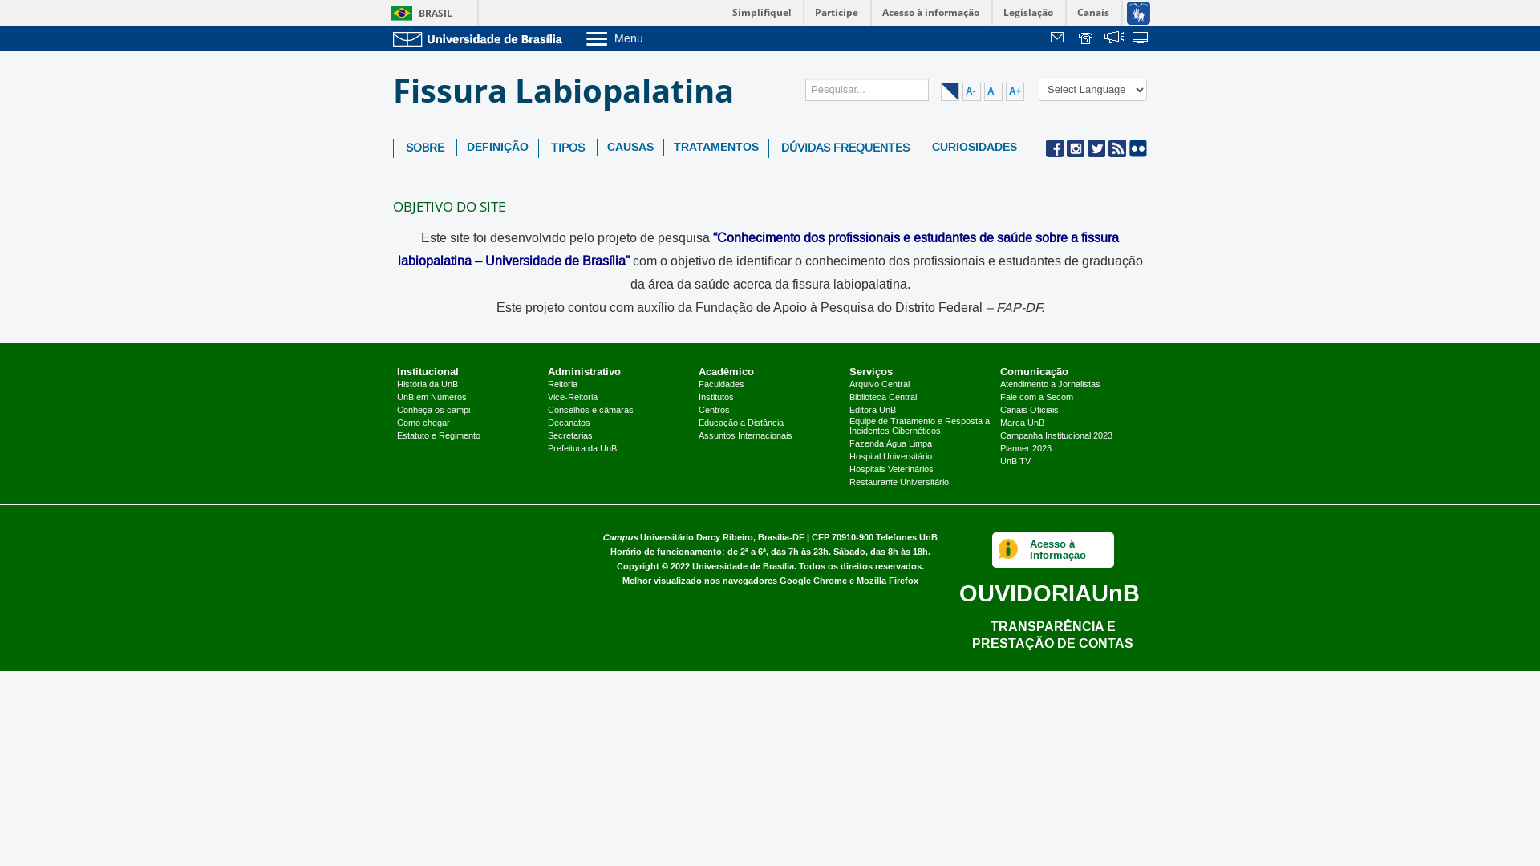  I want to click on 'A', so click(983, 91).